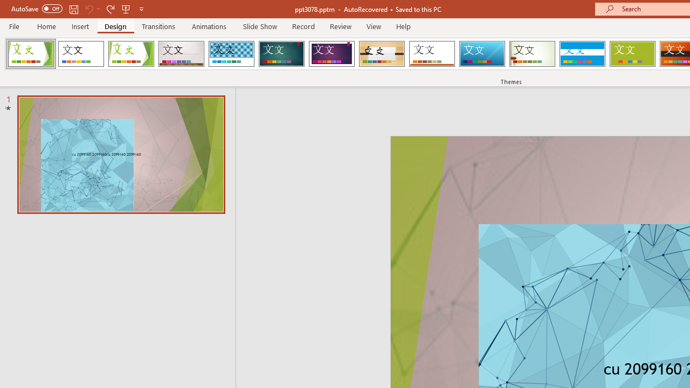 The height and width of the screenshot is (388, 690). Describe the element at coordinates (532, 54) in the screenshot. I see `'Wisp Loading Preview...'` at that location.